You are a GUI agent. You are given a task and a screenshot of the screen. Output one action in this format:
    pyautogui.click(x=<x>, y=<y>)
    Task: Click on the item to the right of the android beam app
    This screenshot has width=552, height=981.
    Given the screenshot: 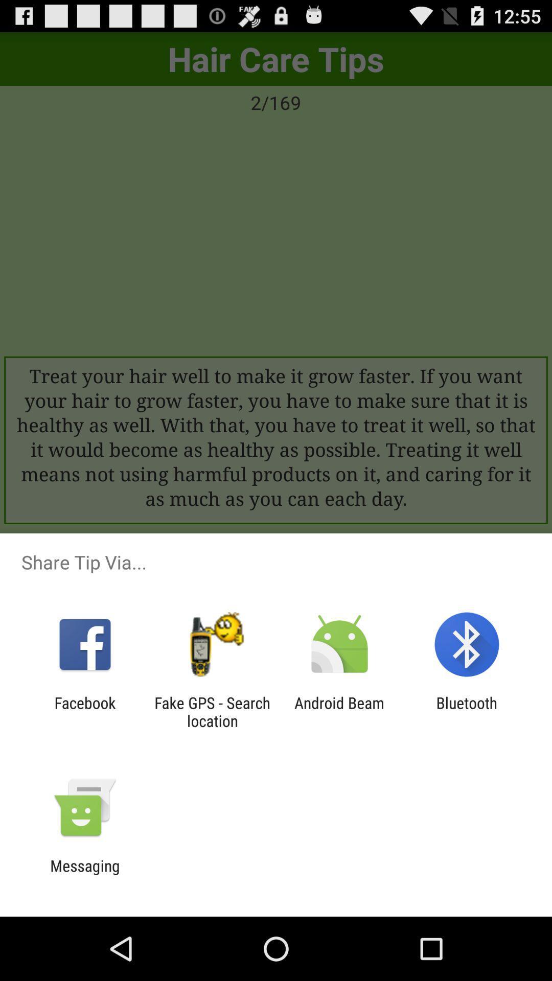 What is the action you would take?
    pyautogui.click(x=467, y=711)
    